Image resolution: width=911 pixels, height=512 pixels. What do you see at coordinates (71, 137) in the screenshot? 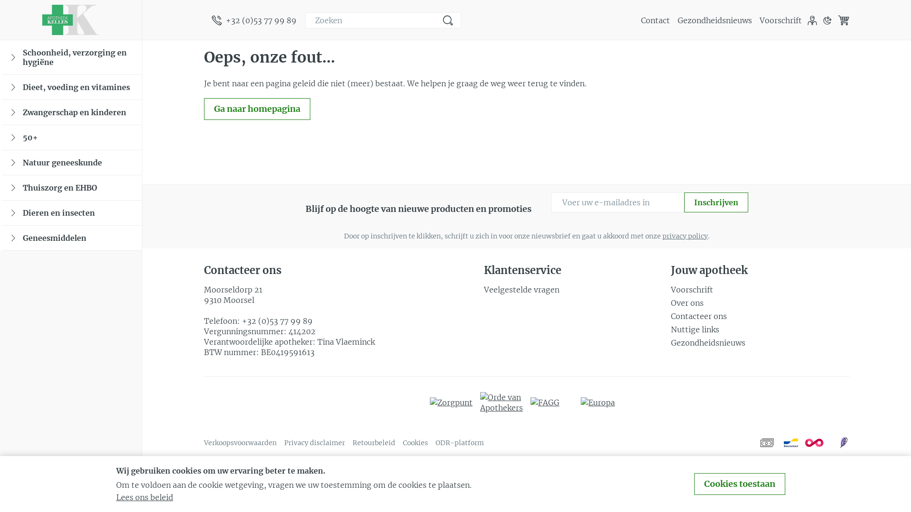
I see `'50+'` at bounding box center [71, 137].